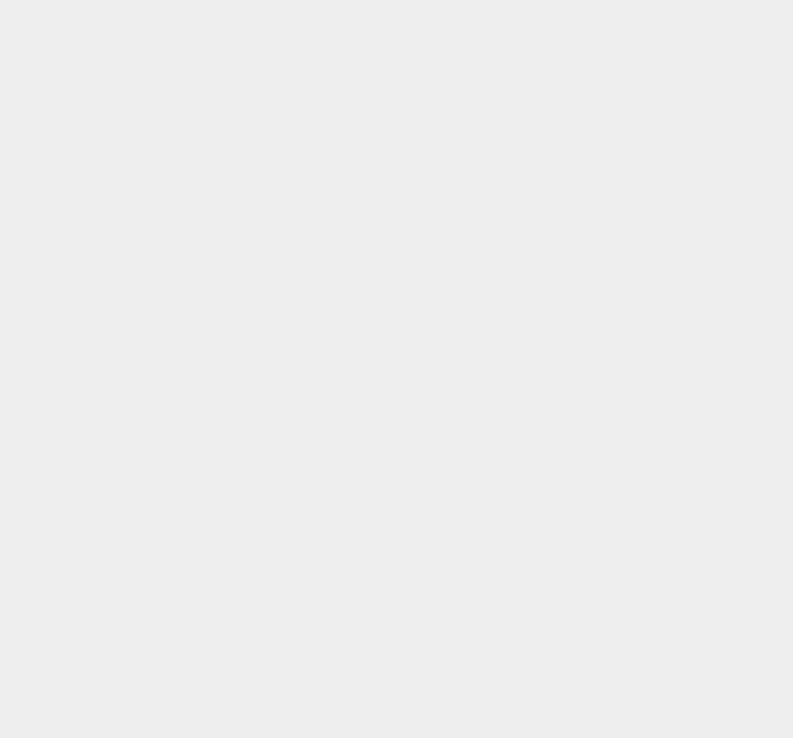 This screenshot has width=793, height=738. What do you see at coordinates (588, 581) in the screenshot?
I see `'Visual Studio'` at bounding box center [588, 581].